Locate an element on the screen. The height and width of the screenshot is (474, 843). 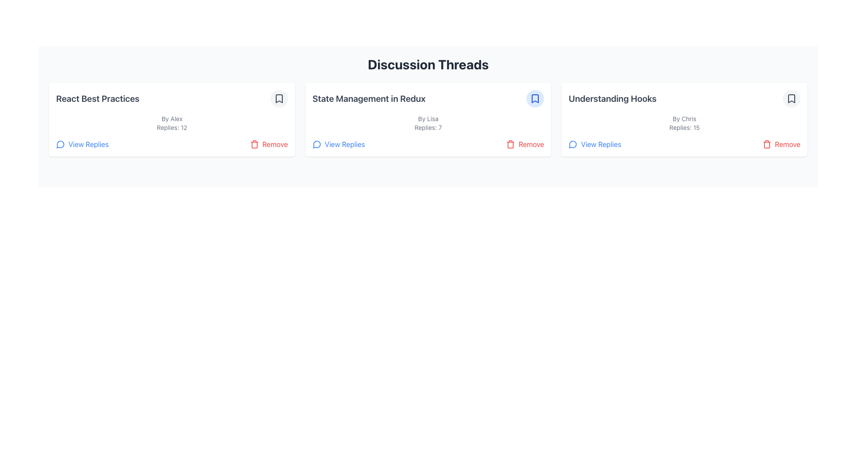
the circular bookmark button with a light blue background located in the top-right corner of the card titled 'State Management in Redux' to bookmark or unbookmark the item is located at coordinates (535, 98).